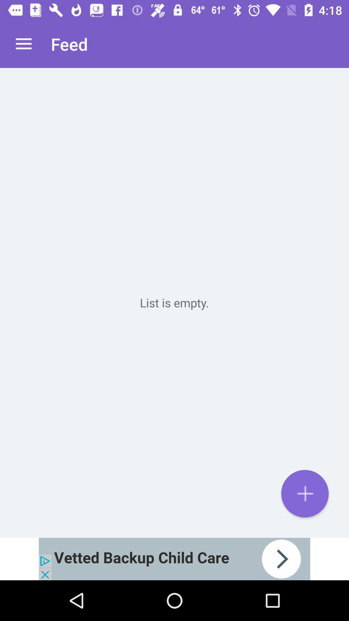 Image resolution: width=349 pixels, height=621 pixels. I want to click on open app, so click(174, 559).